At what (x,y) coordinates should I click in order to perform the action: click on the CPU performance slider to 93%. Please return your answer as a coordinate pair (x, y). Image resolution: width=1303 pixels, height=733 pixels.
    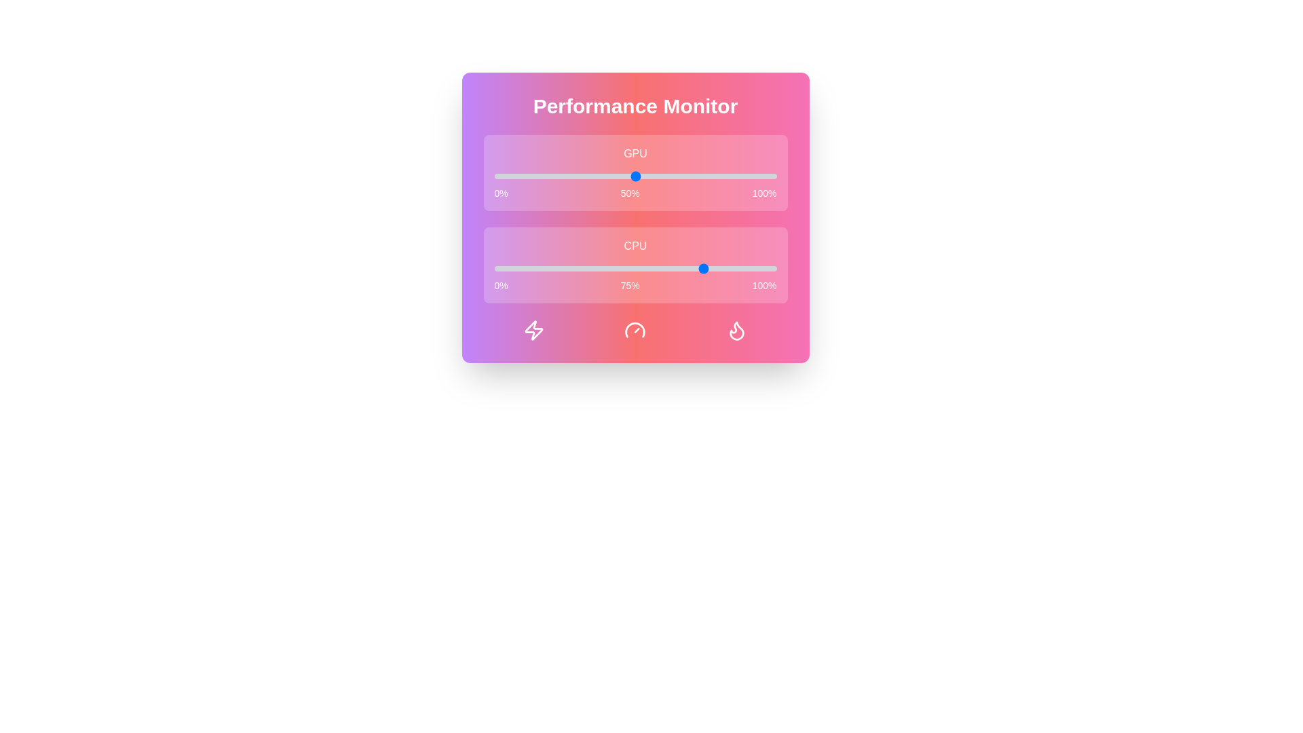
    Looking at the image, I should click on (756, 269).